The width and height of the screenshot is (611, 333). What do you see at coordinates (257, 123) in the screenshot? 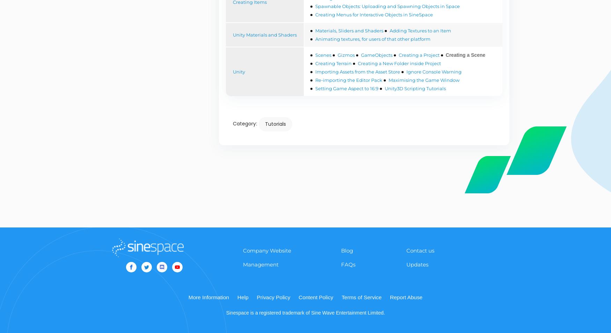
I see `':'` at bounding box center [257, 123].